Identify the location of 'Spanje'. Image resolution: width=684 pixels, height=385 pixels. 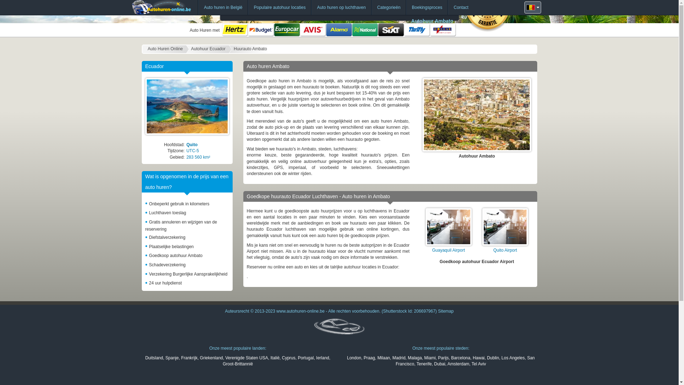
(172, 358).